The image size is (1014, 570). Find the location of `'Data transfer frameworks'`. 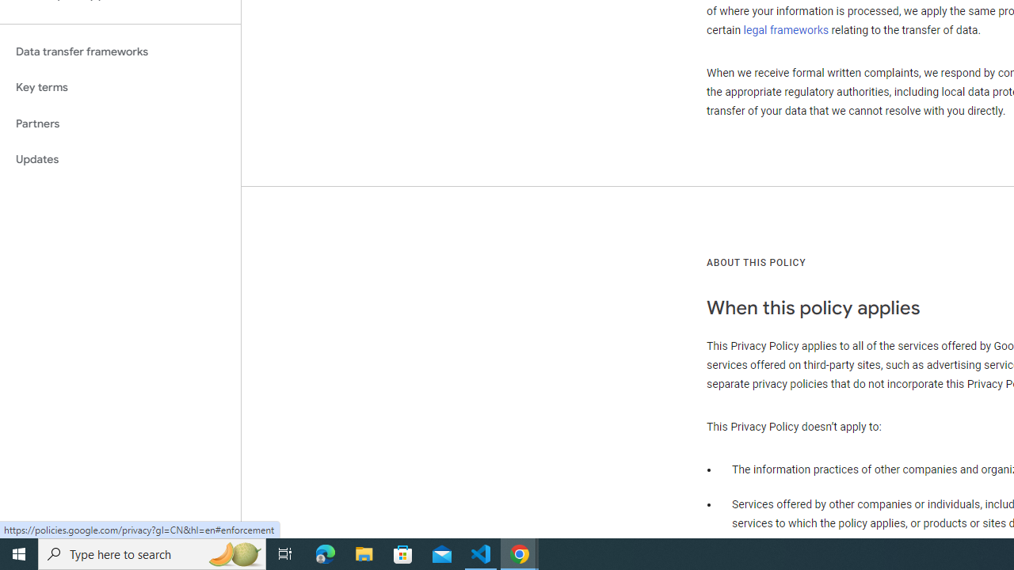

'Data transfer frameworks' is located at coordinates (120, 51).